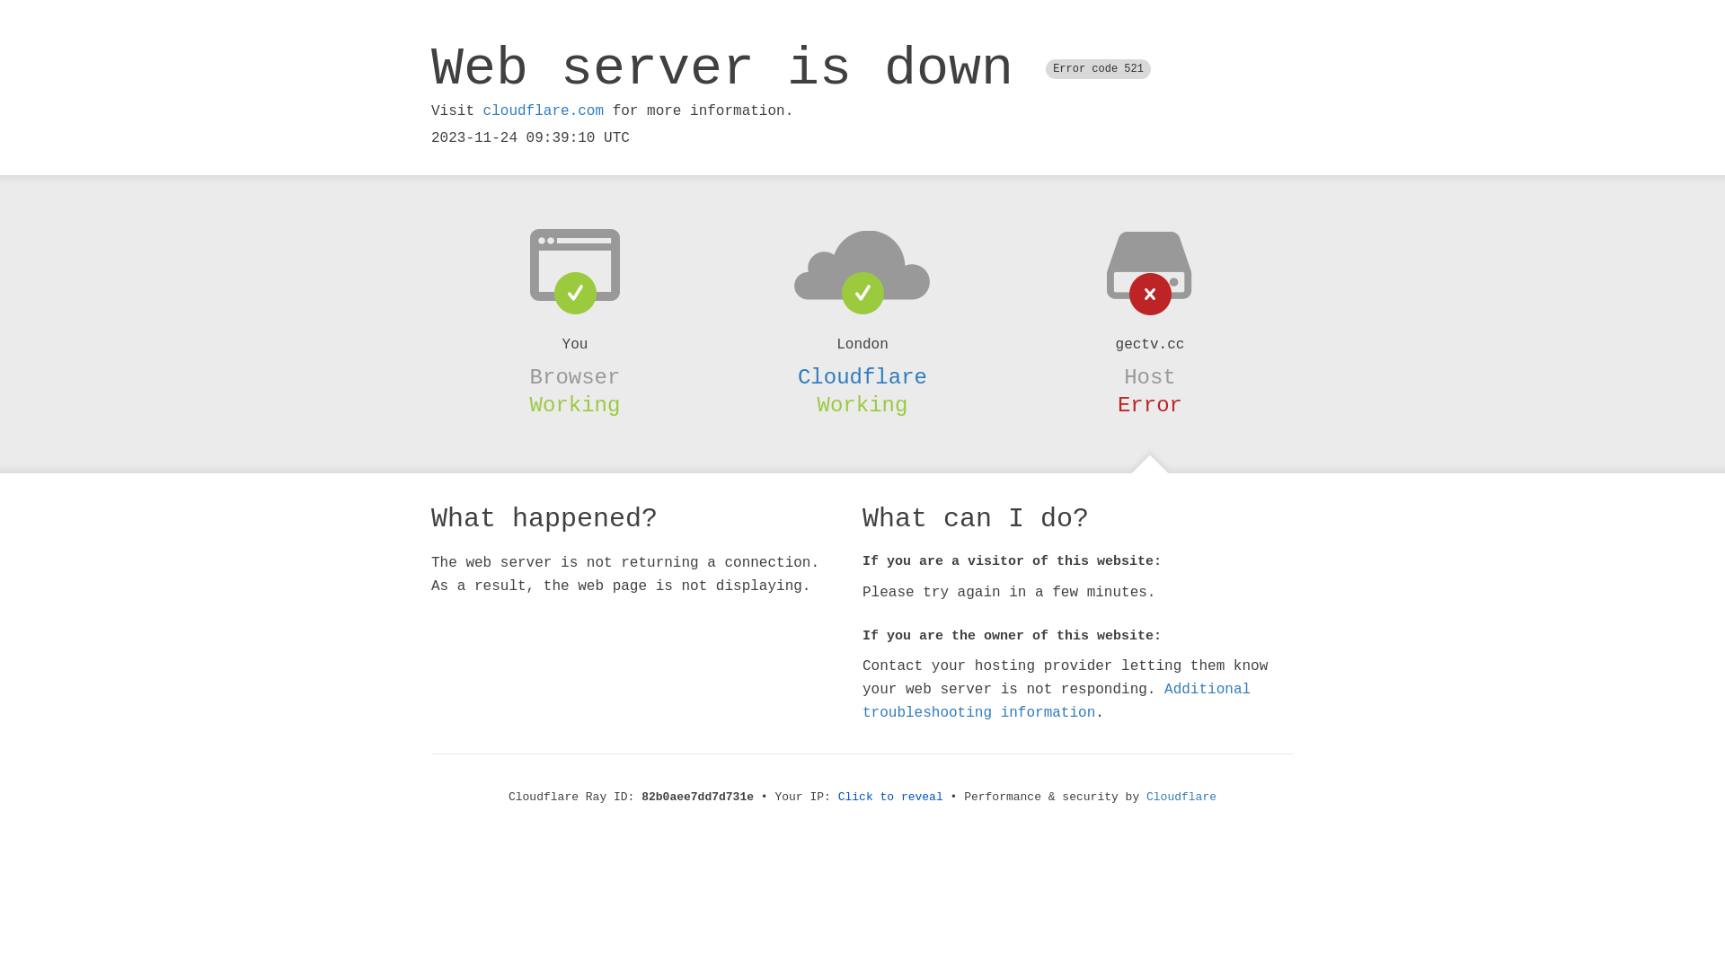 The width and height of the screenshot is (1725, 970). Describe the element at coordinates (542, 110) in the screenshot. I see `'cloudflare.com'` at that location.